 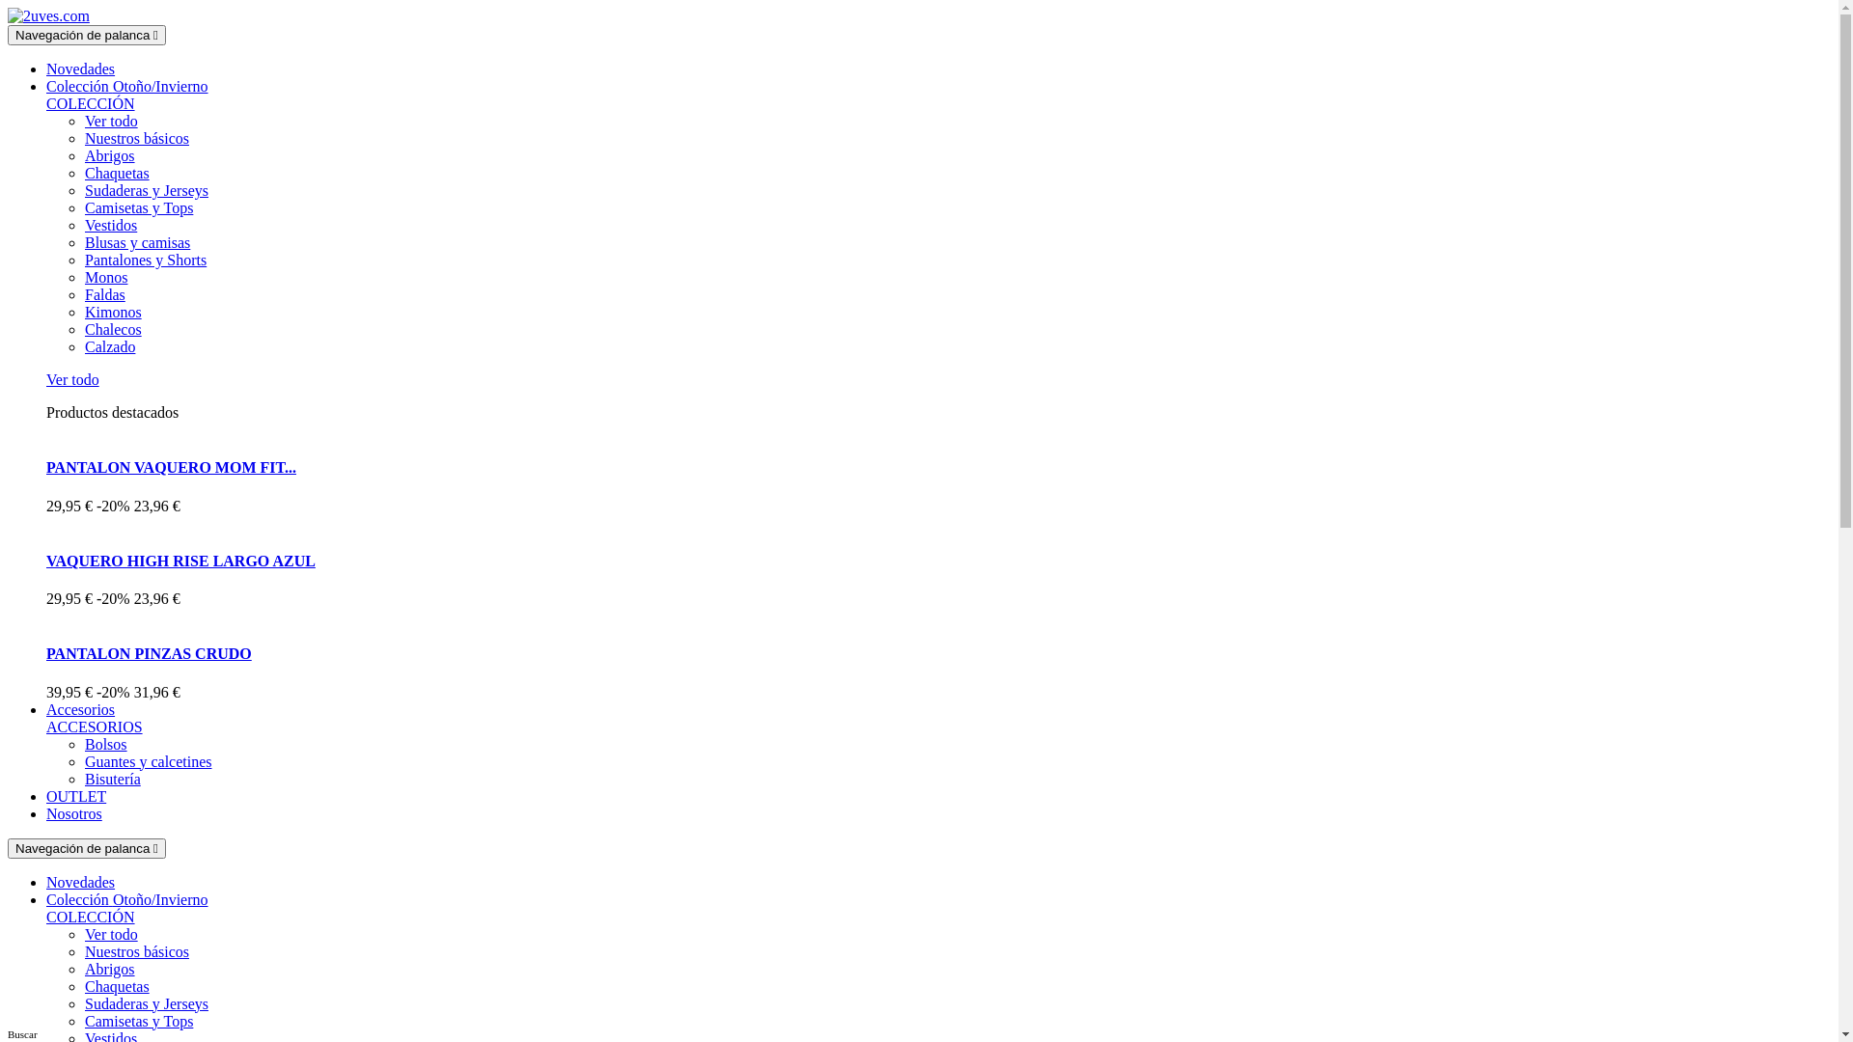 What do you see at coordinates (144, 259) in the screenshot?
I see `'Pantalones y Shorts'` at bounding box center [144, 259].